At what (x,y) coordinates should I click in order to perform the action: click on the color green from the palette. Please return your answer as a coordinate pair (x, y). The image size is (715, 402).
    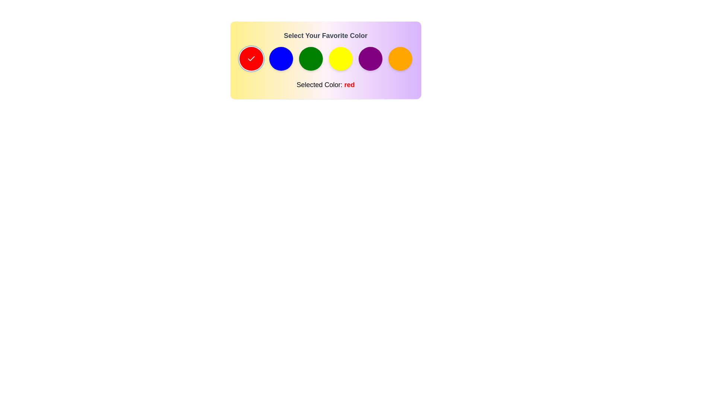
    Looking at the image, I should click on (311, 58).